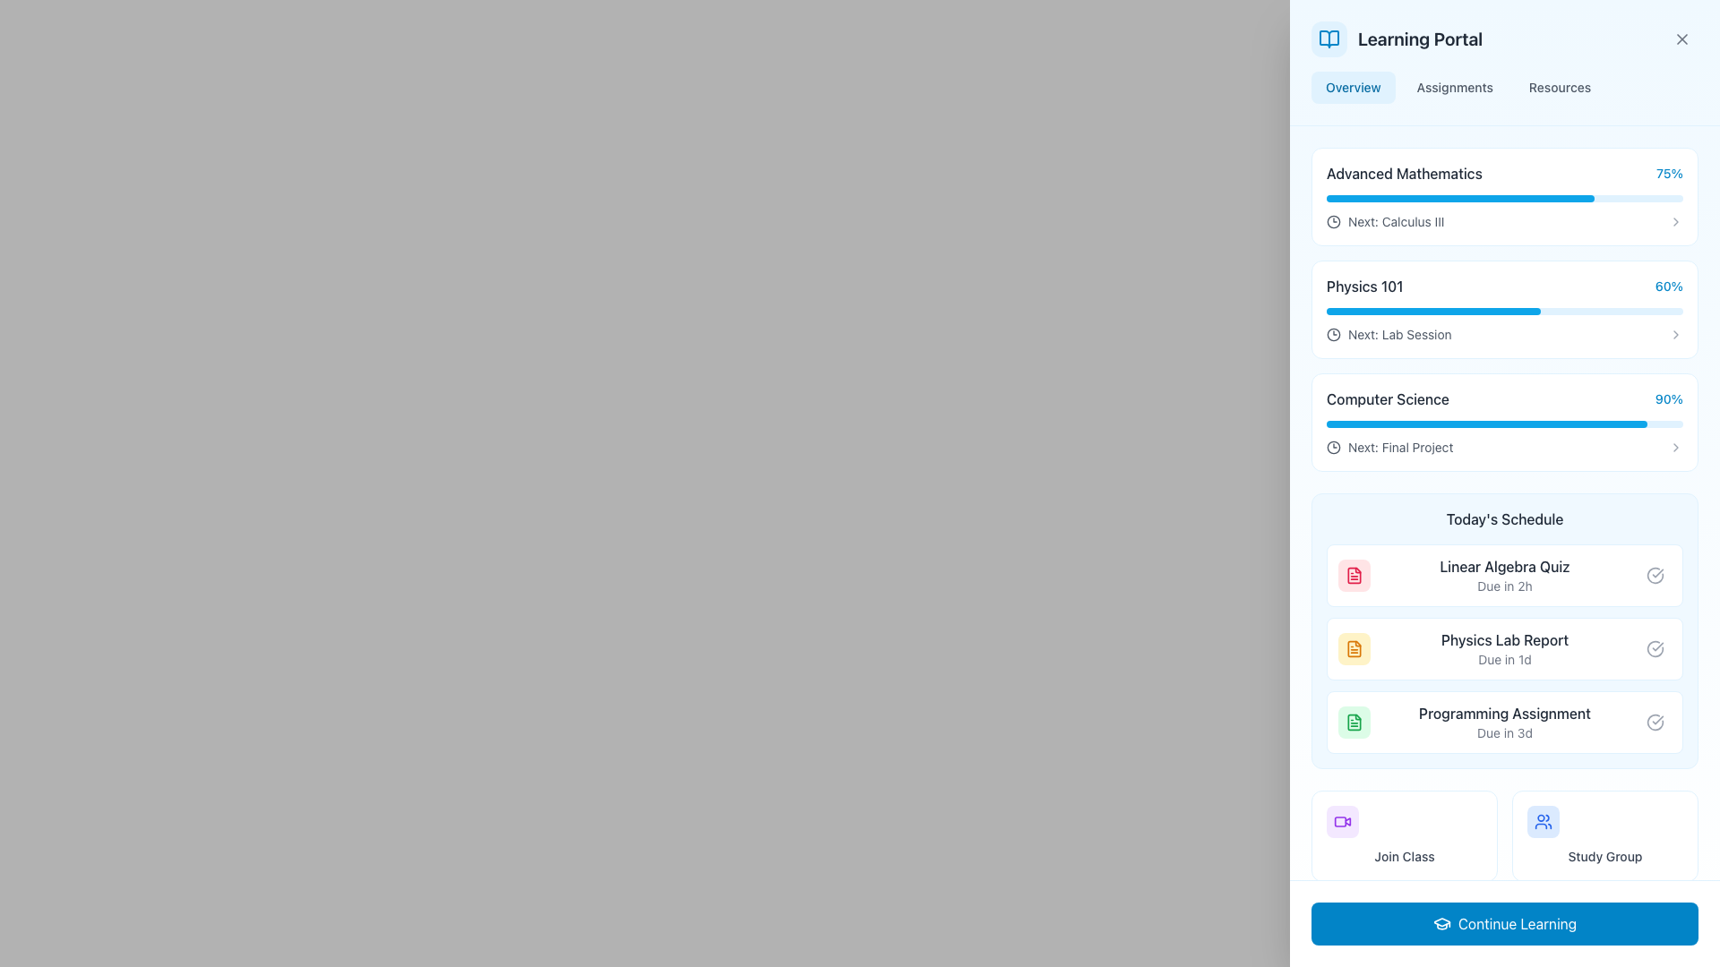 The image size is (1720, 967). I want to click on the progress bar representing 75% completion in the 'Advanced Mathematics' section, so click(1505, 199).